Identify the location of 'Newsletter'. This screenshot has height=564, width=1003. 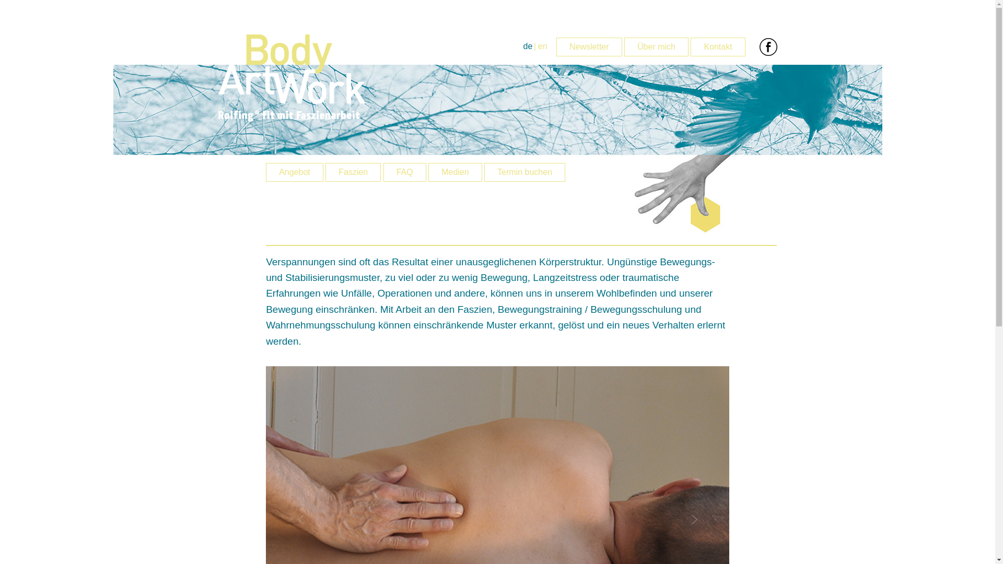
(556, 46).